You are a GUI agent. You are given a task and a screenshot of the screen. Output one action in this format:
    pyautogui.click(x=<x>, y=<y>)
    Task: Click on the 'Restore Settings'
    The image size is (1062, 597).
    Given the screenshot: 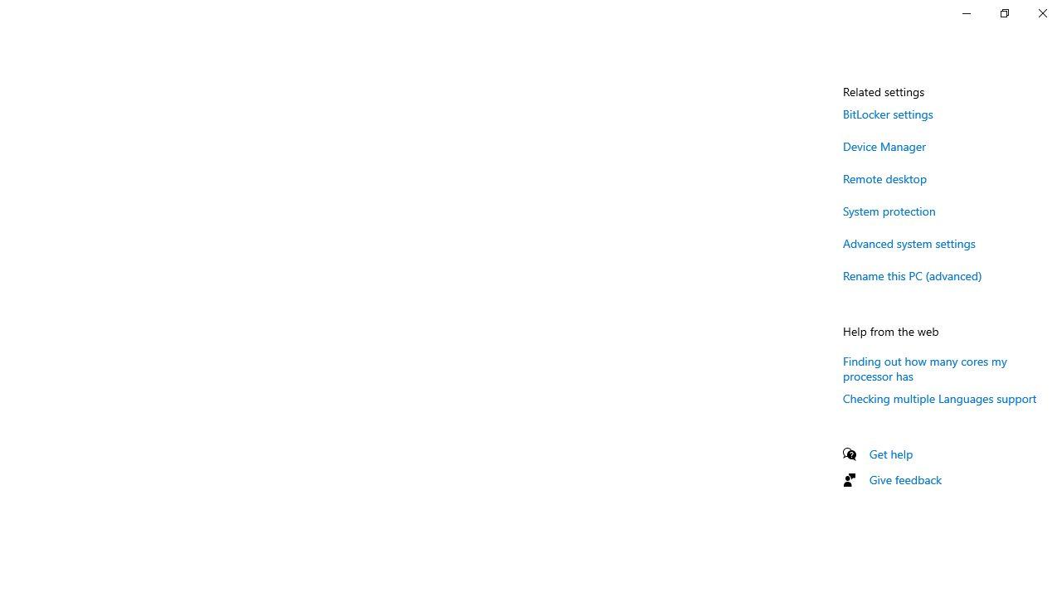 What is the action you would take?
    pyautogui.click(x=1003, y=12)
    